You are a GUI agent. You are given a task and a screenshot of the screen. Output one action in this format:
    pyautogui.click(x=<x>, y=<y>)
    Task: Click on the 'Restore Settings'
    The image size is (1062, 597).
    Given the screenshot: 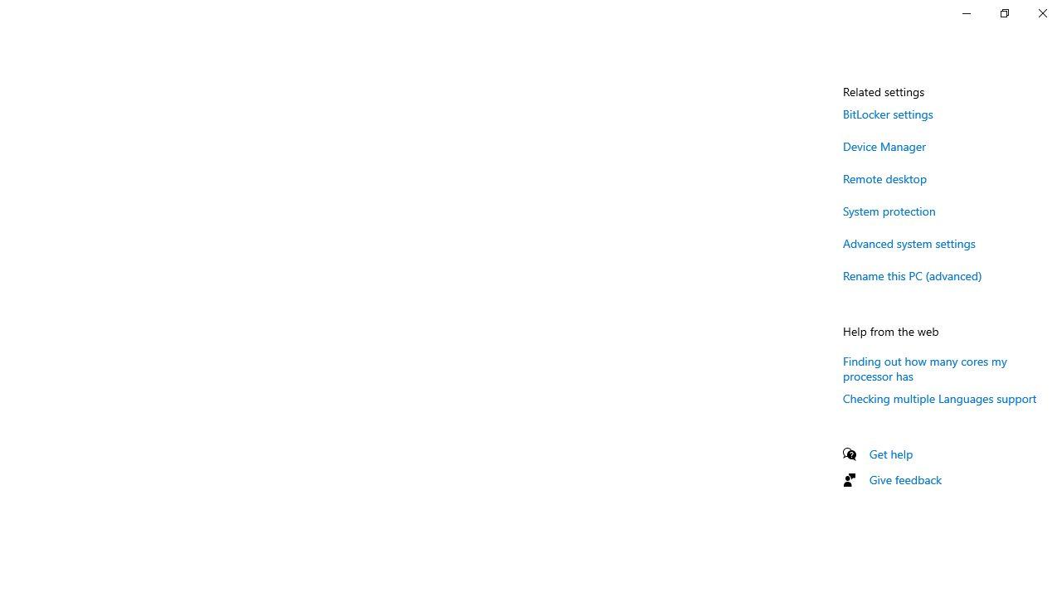 What is the action you would take?
    pyautogui.click(x=1003, y=12)
    